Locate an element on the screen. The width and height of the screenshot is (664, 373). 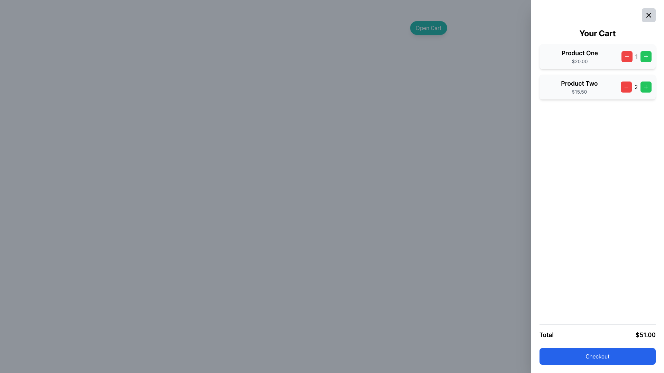
the increment button located to the right of the quantity '2' for 'Product Two' in the cart section to increase the item quantity is located at coordinates (645, 86).